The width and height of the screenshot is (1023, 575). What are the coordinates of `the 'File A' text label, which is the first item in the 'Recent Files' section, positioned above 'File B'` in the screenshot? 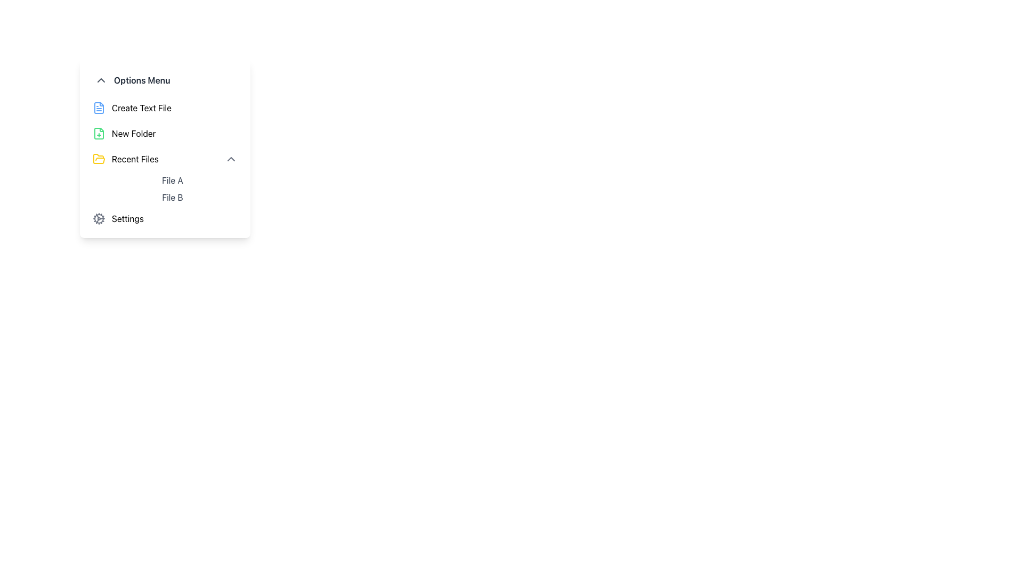 It's located at (173, 180).